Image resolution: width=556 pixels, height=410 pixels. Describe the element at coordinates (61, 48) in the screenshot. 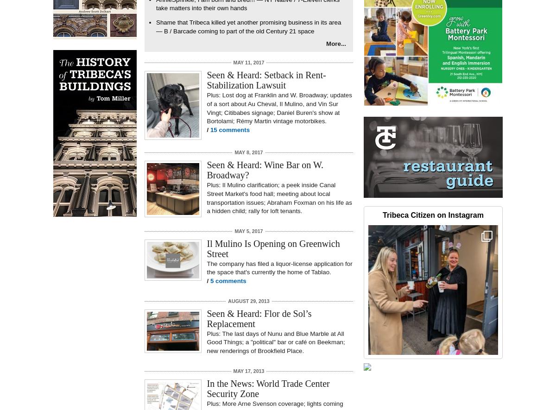

I see `'History of Tribeca Buildings'` at that location.